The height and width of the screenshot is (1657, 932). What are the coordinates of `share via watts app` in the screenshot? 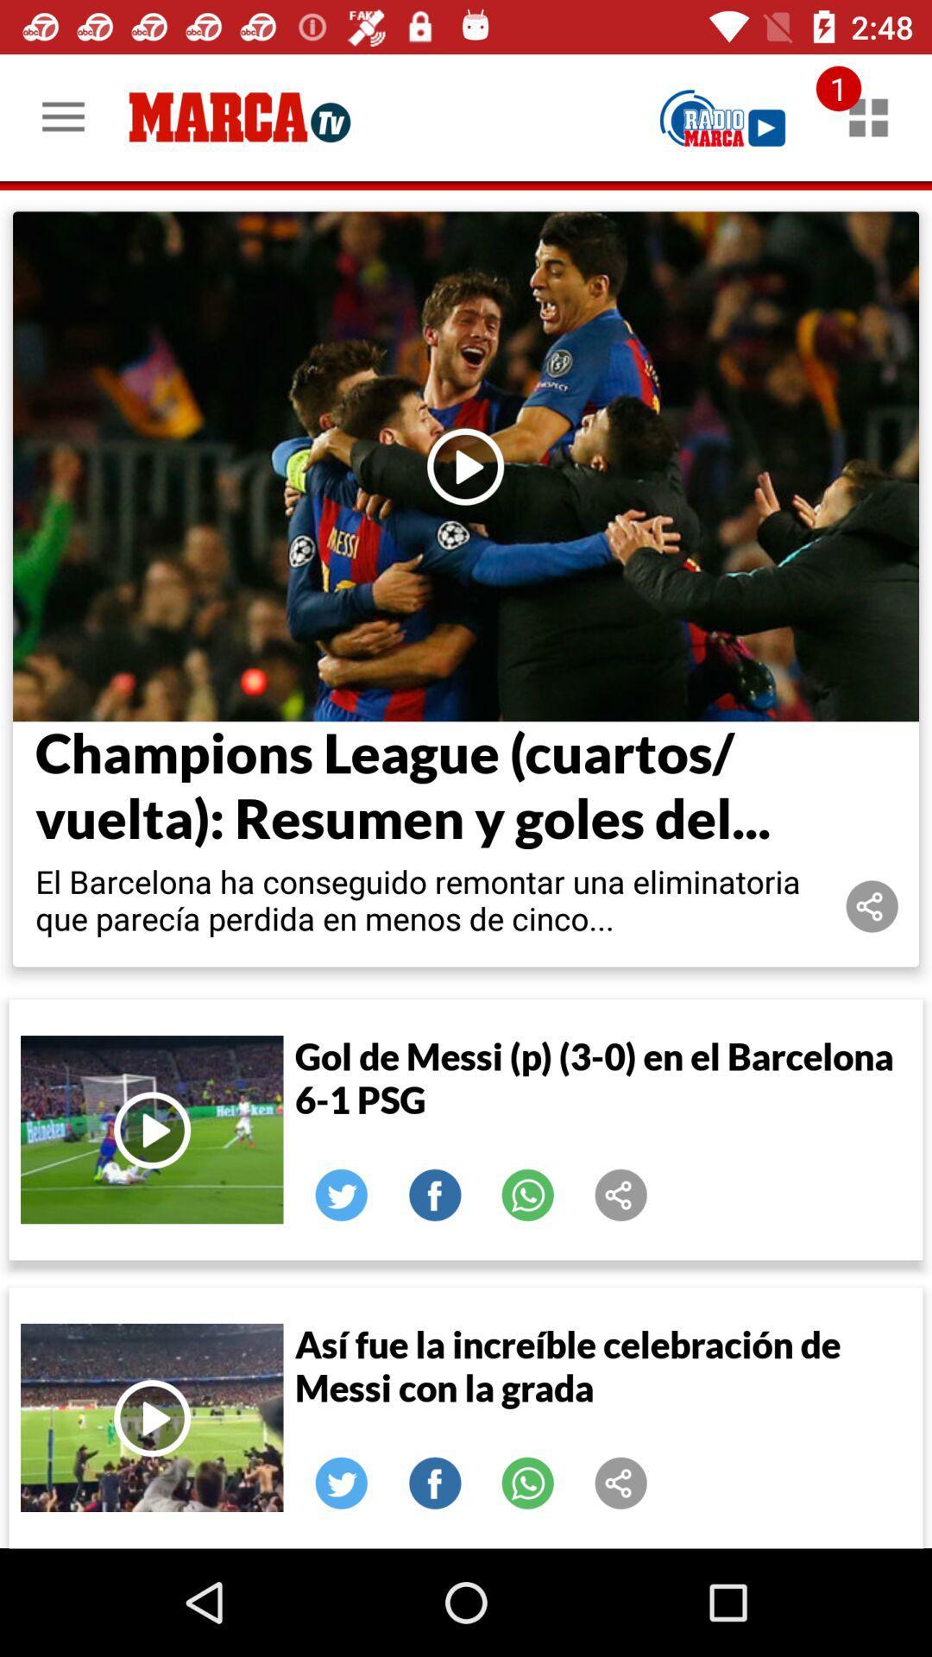 It's located at (527, 1482).